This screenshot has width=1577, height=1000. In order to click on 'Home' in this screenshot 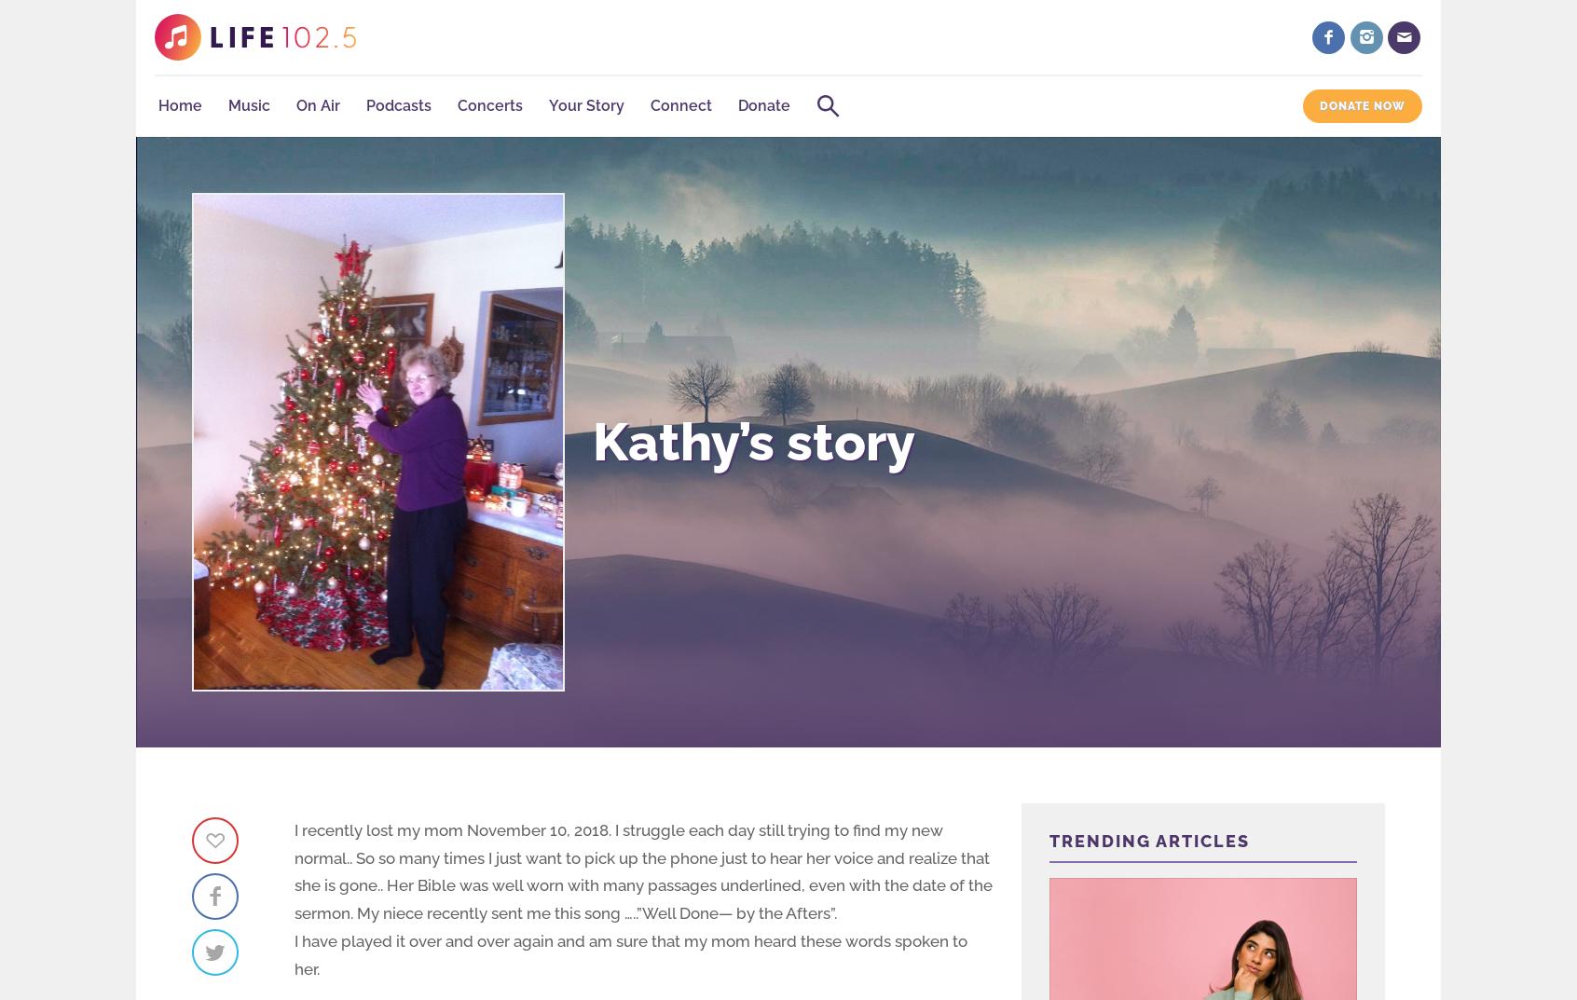, I will do `click(158, 105)`.